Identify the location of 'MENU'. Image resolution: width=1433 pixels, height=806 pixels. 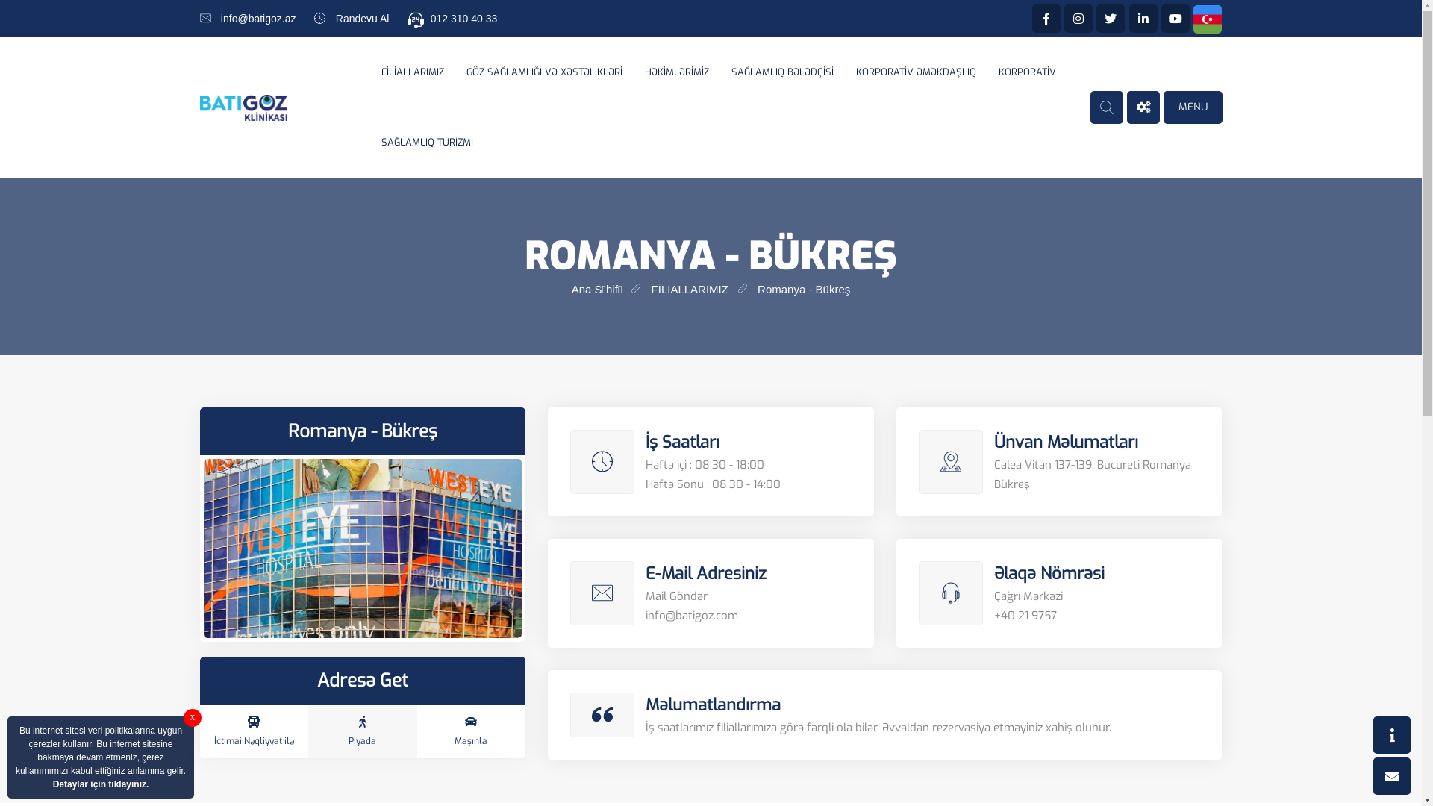
(1192, 106).